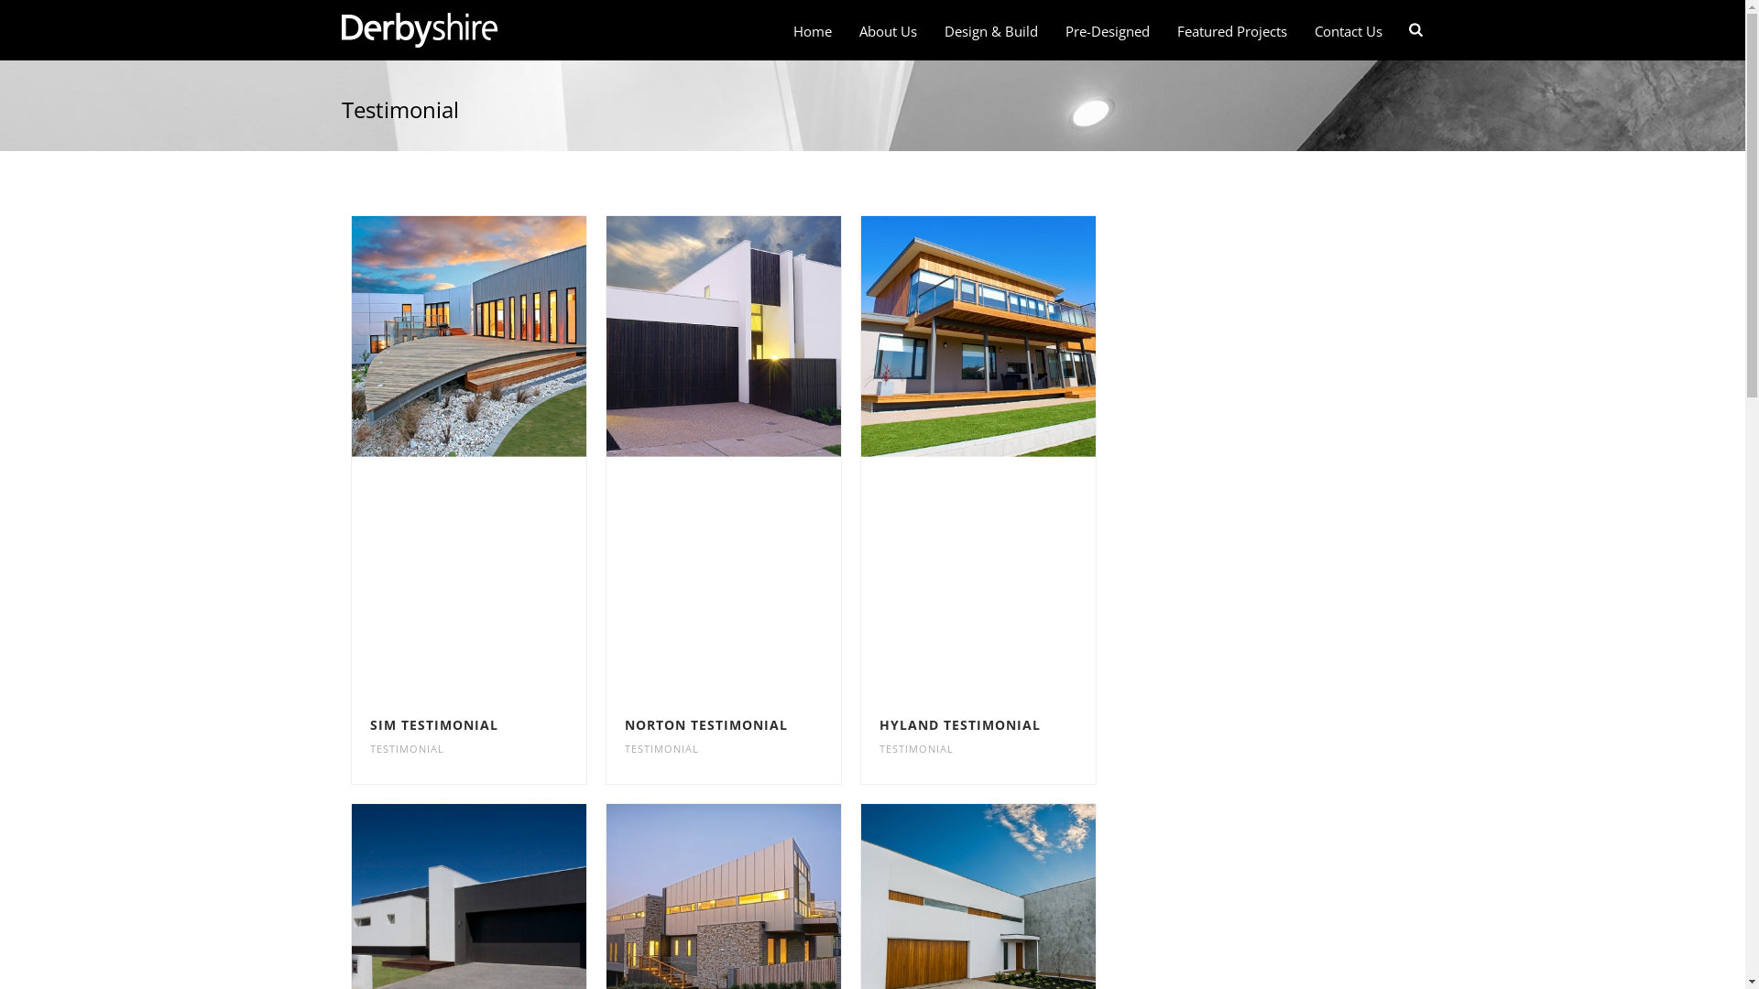 Image resolution: width=1759 pixels, height=989 pixels. What do you see at coordinates (1349, 31) in the screenshot?
I see `'Contact Us'` at bounding box center [1349, 31].